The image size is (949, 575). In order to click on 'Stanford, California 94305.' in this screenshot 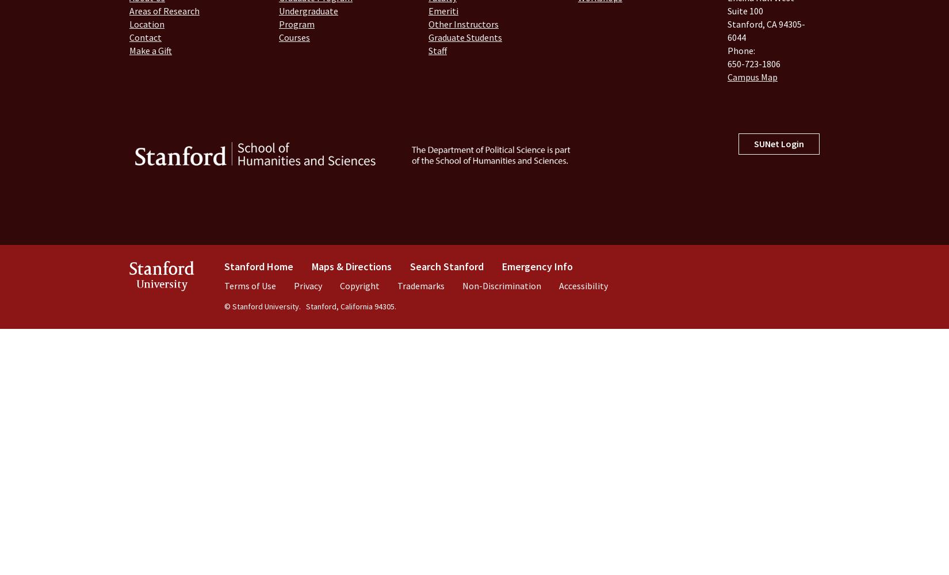, I will do `click(302, 306)`.